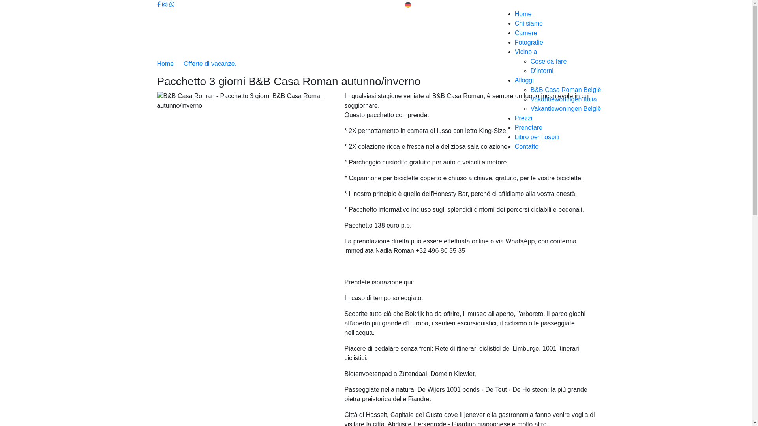 This screenshot has height=426, width=758. Describe the element at coordinates (537, 136) in the screenshot. I see `'Libro per i ospiti'` at that location.